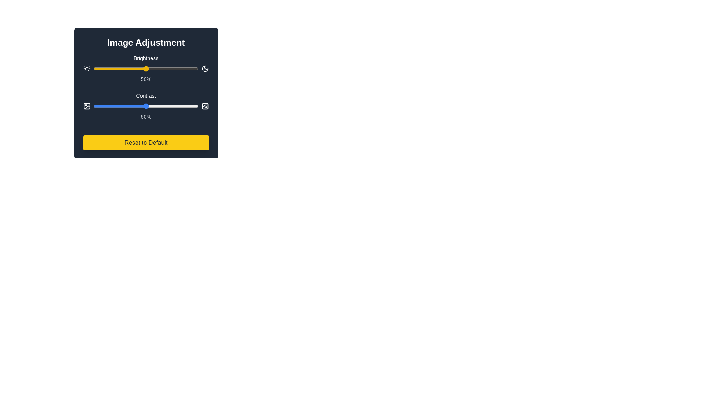 This screenshot has width=719, height=404. I want to click on brightness, so click(183, 69).